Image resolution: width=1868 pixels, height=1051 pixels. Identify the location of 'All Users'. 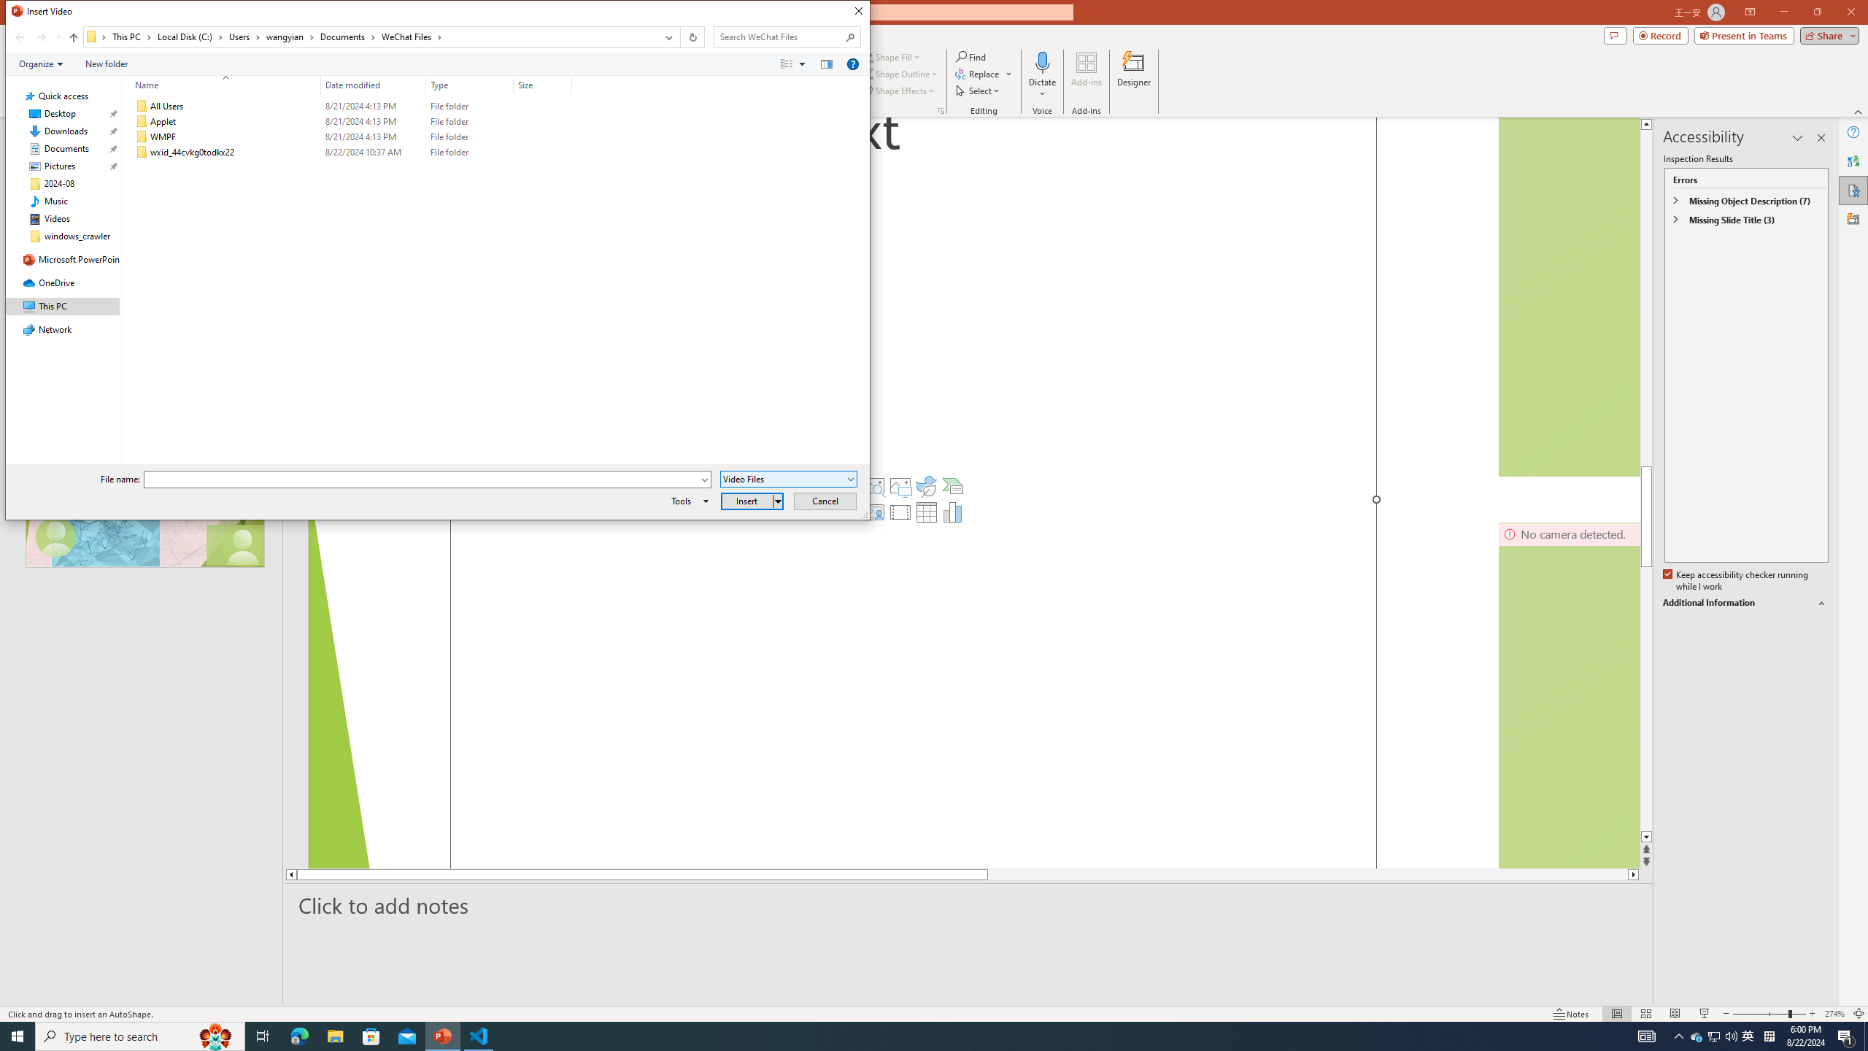
(351, 106).